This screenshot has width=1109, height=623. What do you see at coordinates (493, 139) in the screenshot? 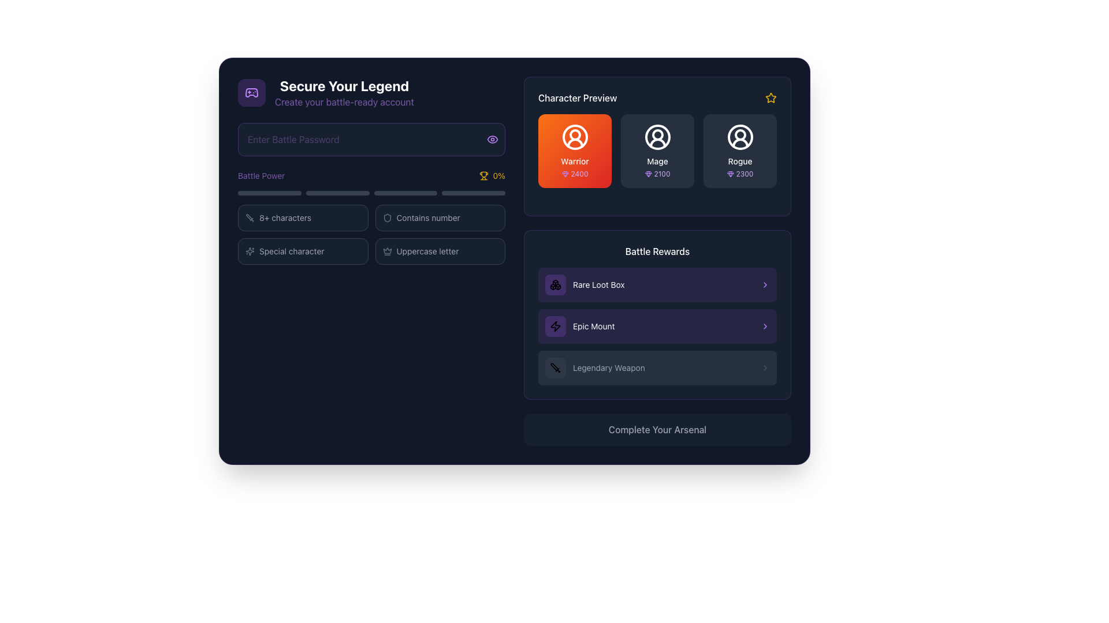
I see `the eye-shaped purple button located at the rightmost edge of the 'Enter Battle Password' input field to potentially display a tooltip` at bounding box center [493, 139].